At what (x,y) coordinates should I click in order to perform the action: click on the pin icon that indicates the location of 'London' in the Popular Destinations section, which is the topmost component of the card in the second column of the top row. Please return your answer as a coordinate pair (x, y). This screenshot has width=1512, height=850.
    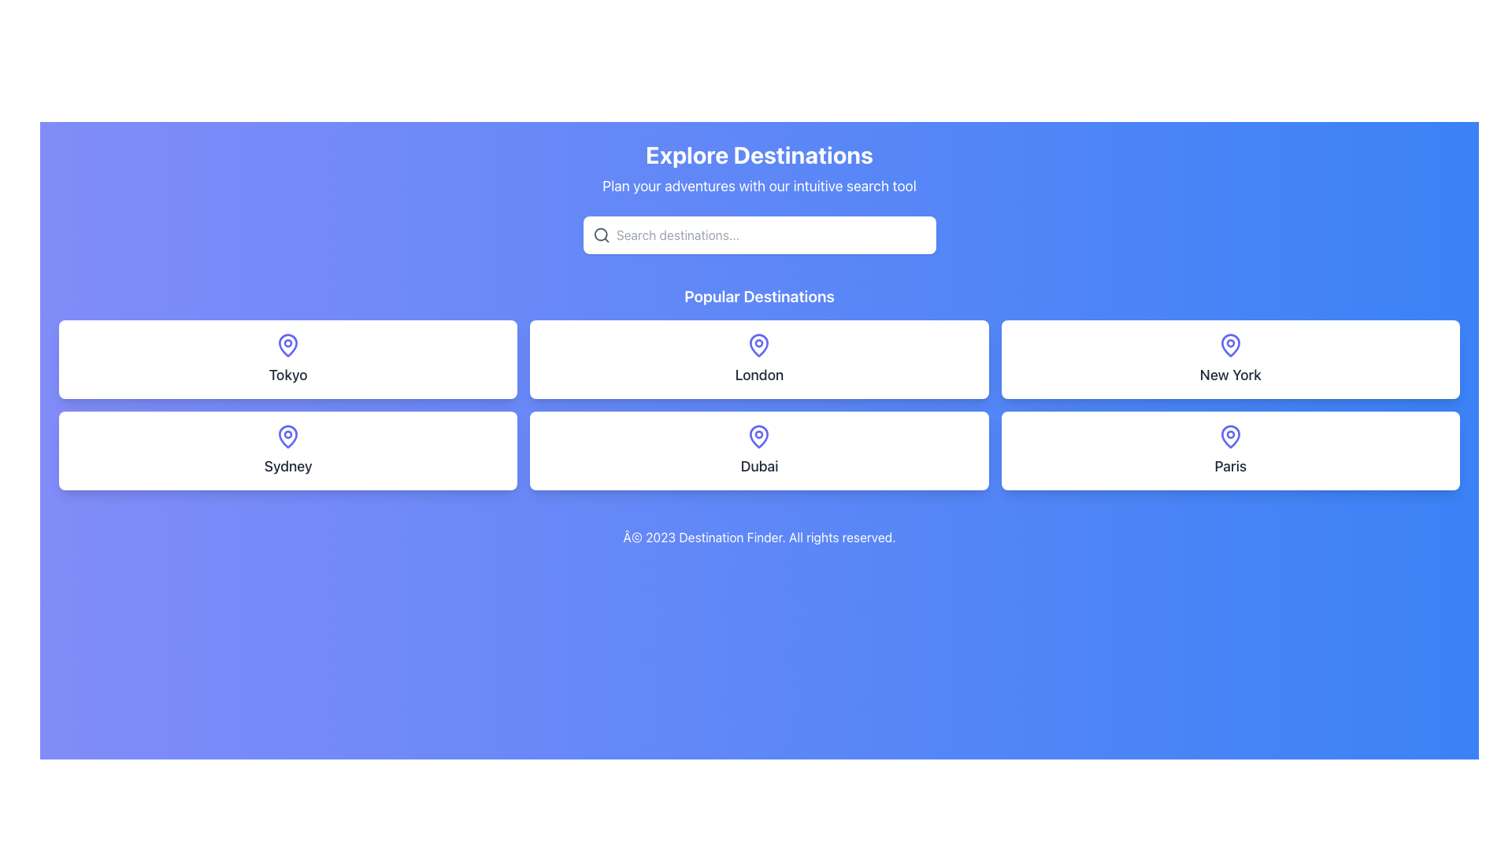
    Looking at the image, I should click on (759, 345).